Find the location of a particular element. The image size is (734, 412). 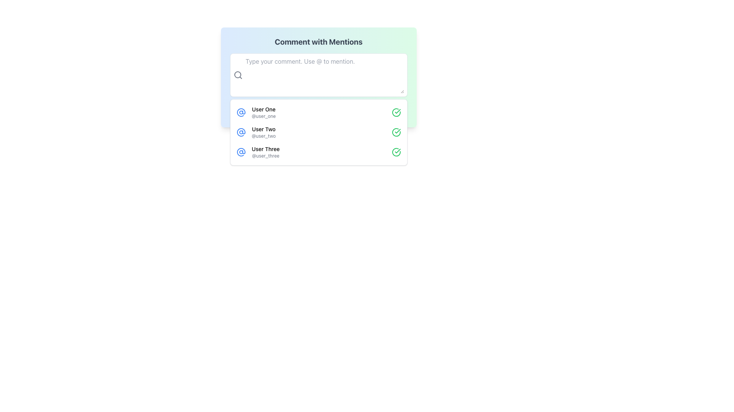

the green check mark symbol inside the circular graphic, indicating approval for the second user's entry in the list is located at coordinates (398, 151).